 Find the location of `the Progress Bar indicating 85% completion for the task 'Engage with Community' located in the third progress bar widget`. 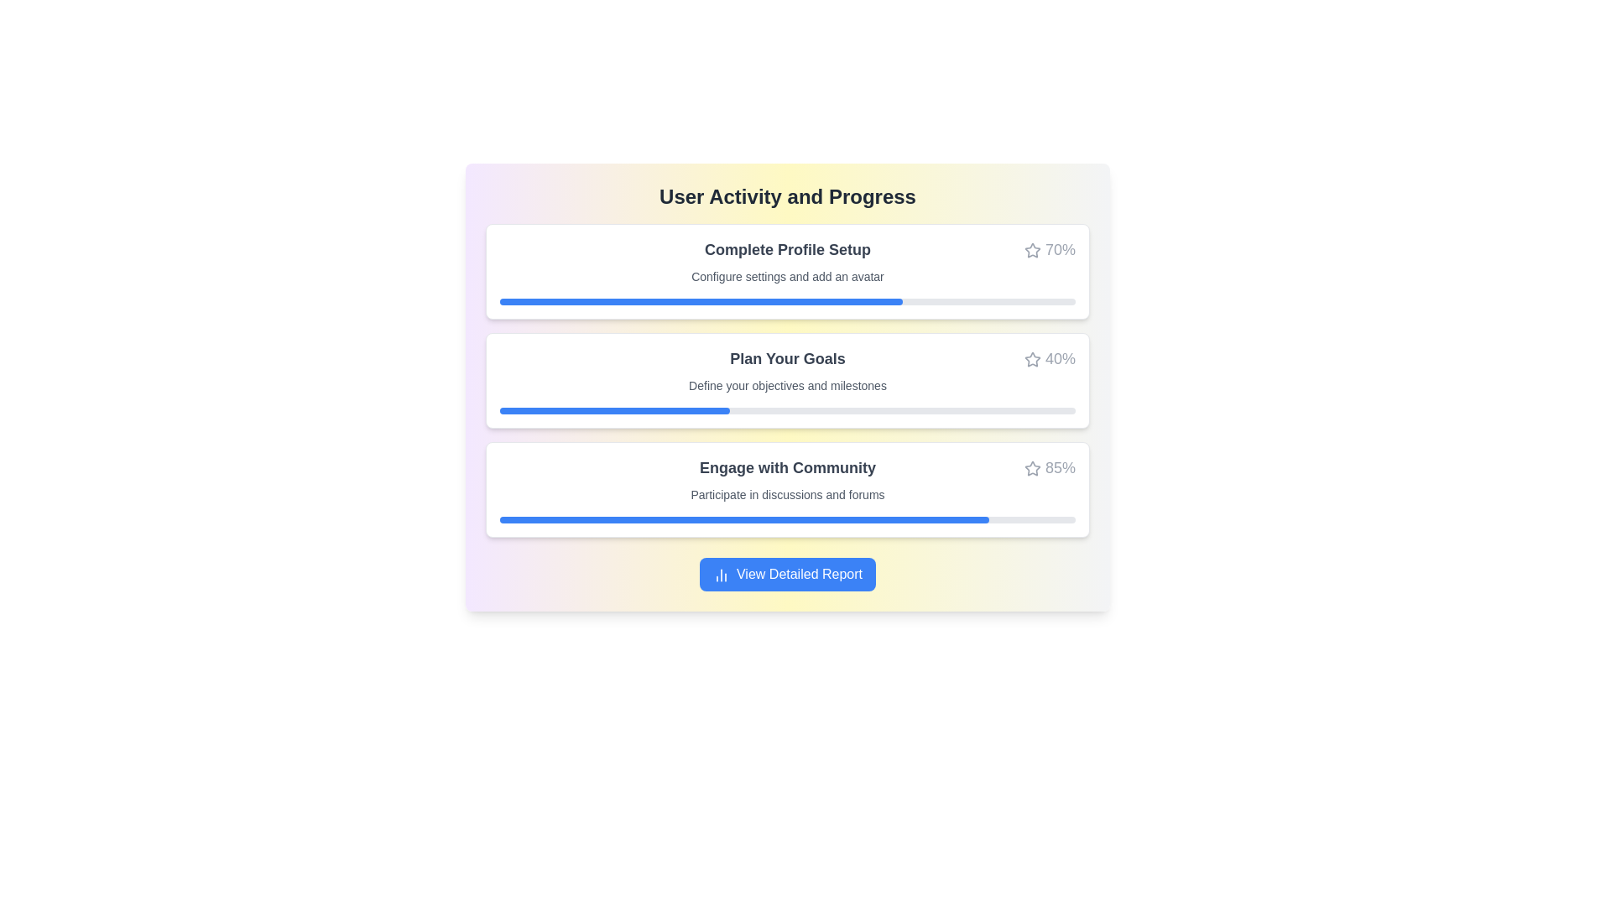

the Progress Bar indicating 85% completion for the task 'Engage with Community' located in the third progress bar widget is located at coordinates (743, 519).